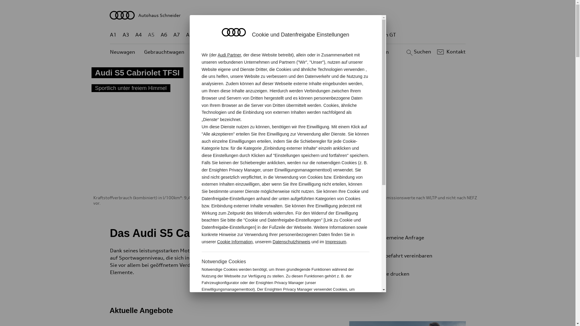  Describe the element at coordinates (122, 52) in the screenshot. I see `'Neuwagen'` at that location.